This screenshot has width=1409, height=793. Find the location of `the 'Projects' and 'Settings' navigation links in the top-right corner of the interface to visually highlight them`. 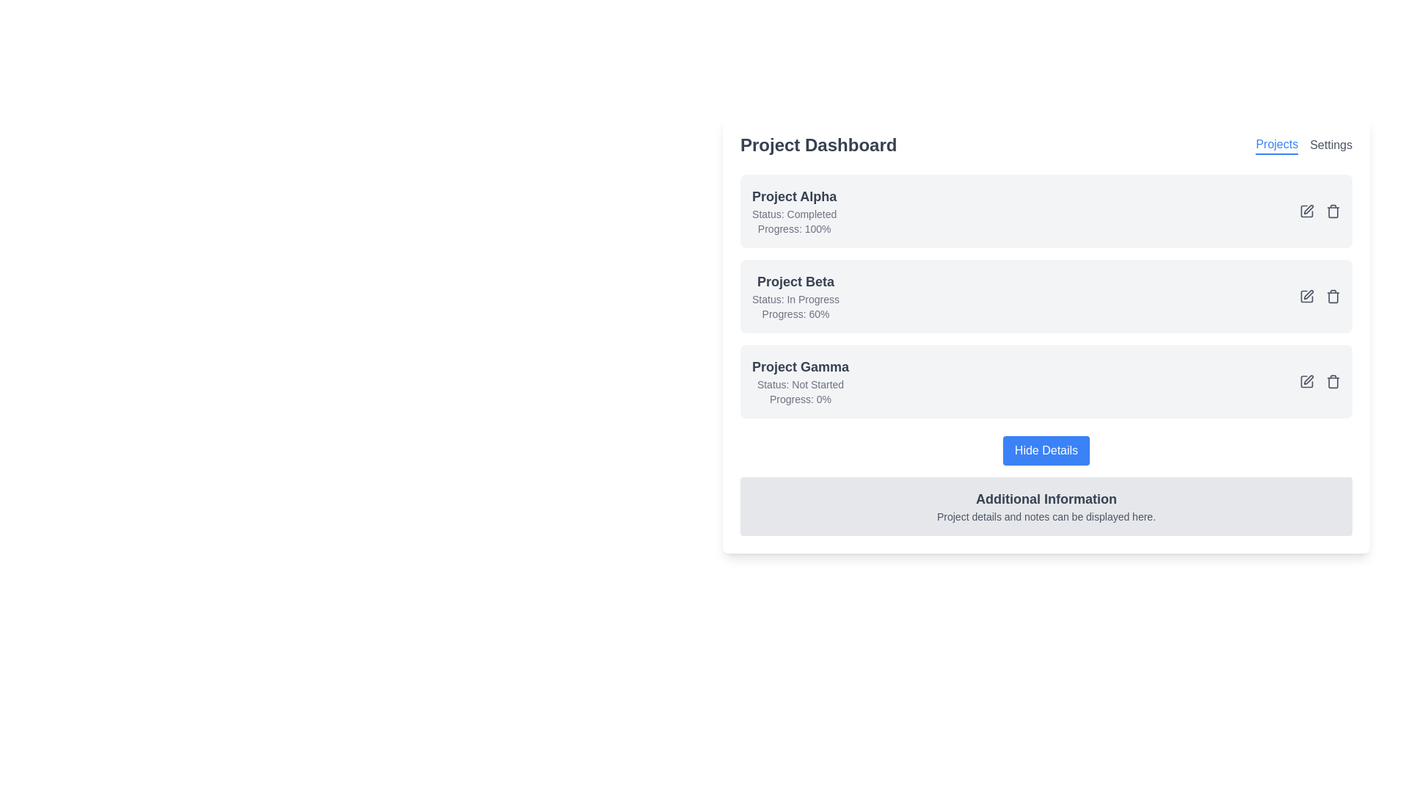

the 'Projects' and 'Settings' navigation links in the top-right corner of the interface to visually highlight them is located at coordinates (1304, 145).